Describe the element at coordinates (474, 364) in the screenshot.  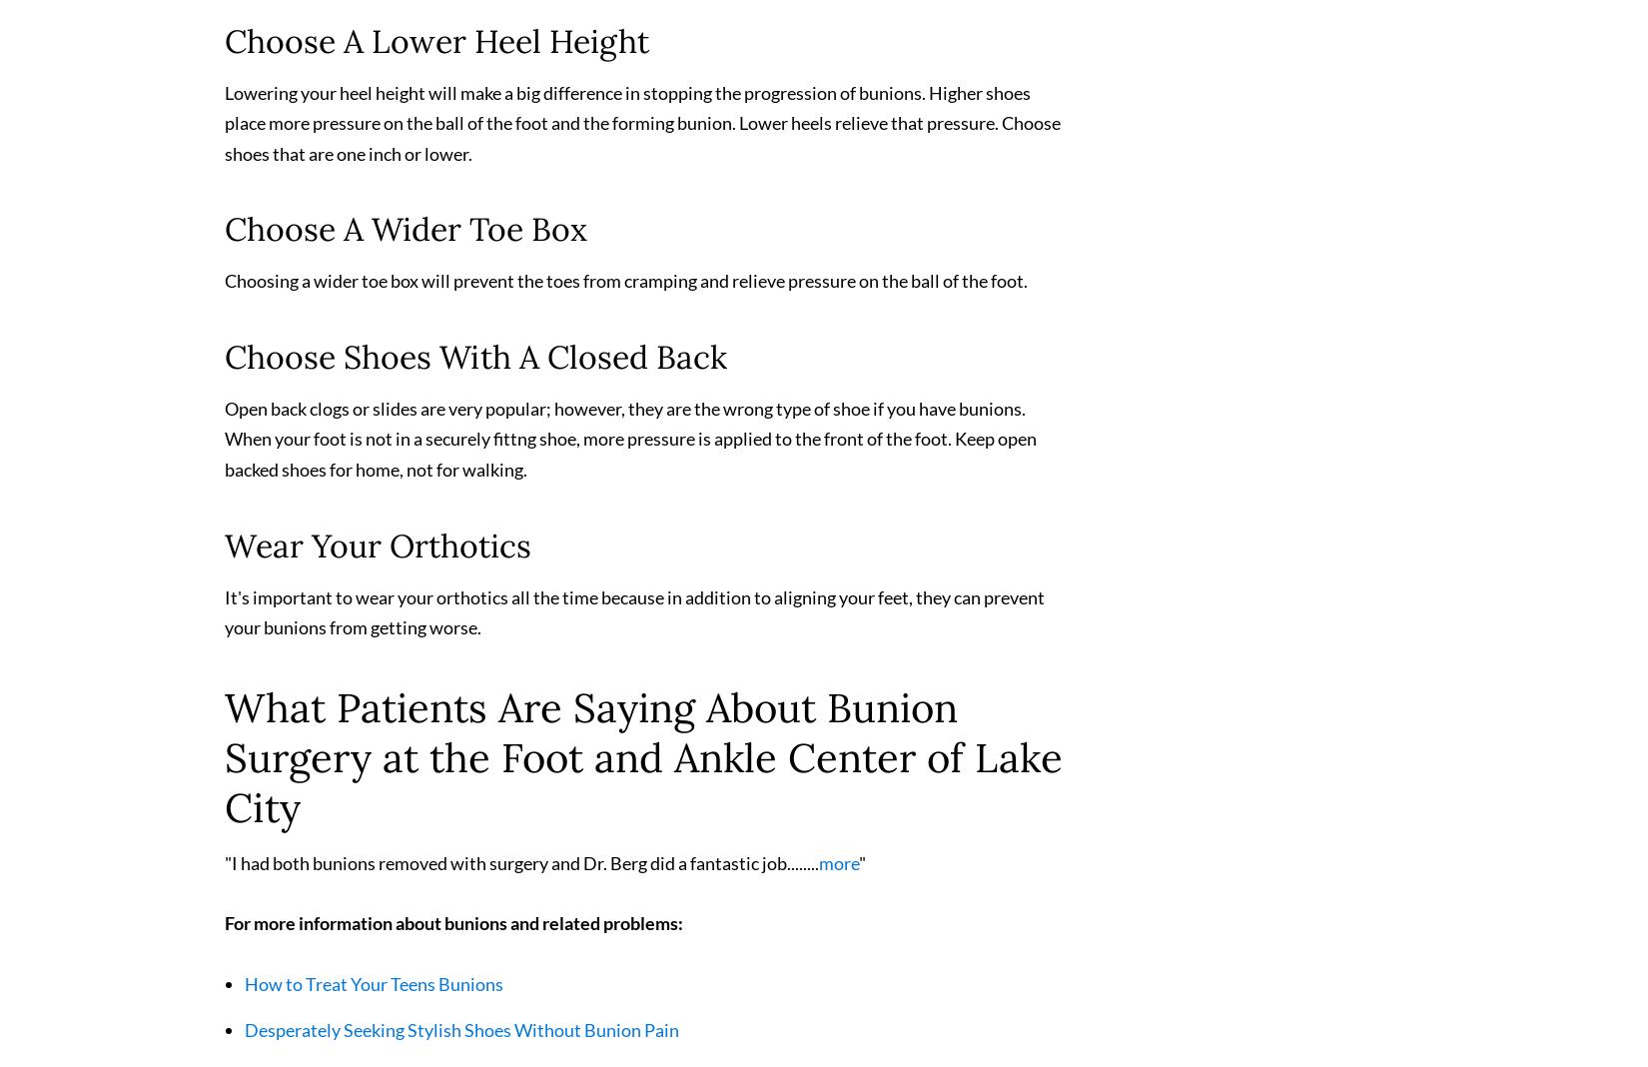
I see `'Choose Shoes With A Closed Back'` at that location.